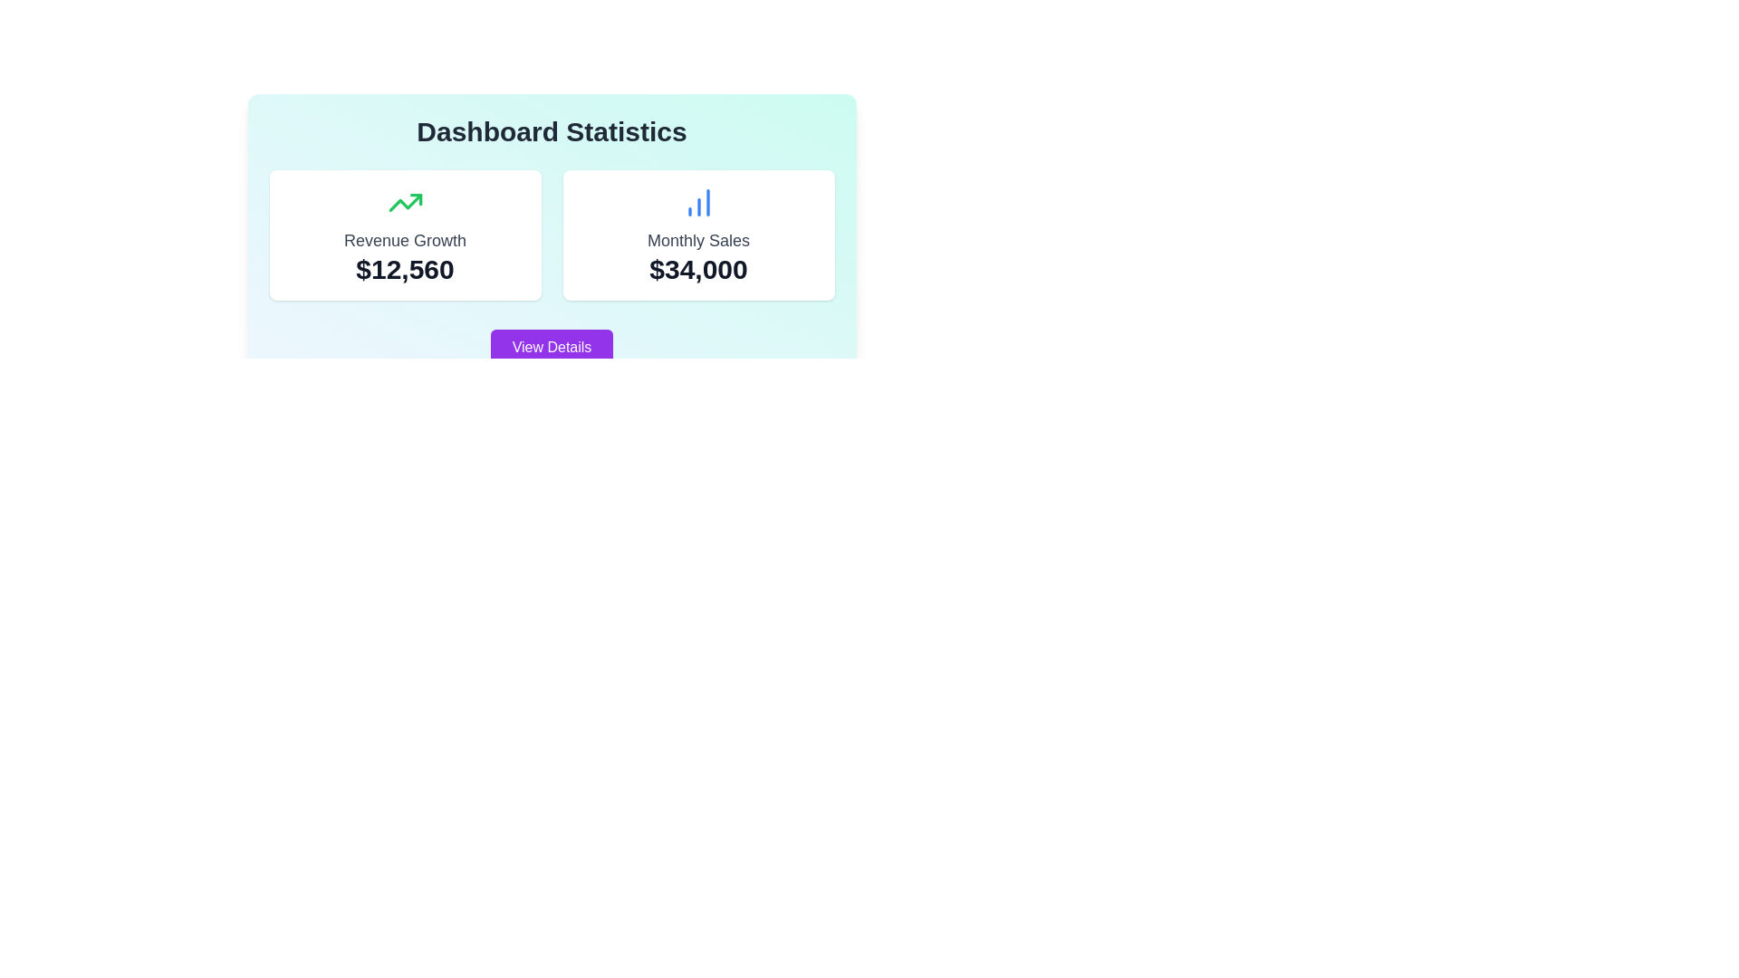  I want to click on the static text label that serves as a descriptive title for the sales data section, located within a card interface on the right side of a comparison layout, below a chart icon and above a bold sales amount, so click(697, 240).